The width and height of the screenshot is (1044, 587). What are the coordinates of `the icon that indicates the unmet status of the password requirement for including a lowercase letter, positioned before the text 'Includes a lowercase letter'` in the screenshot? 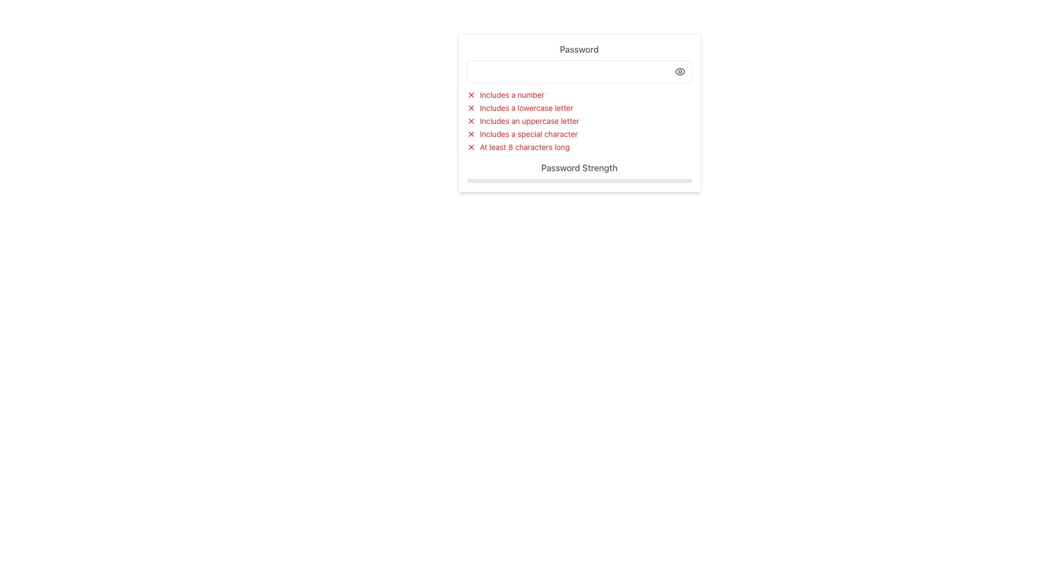 It's located at (471, 108).